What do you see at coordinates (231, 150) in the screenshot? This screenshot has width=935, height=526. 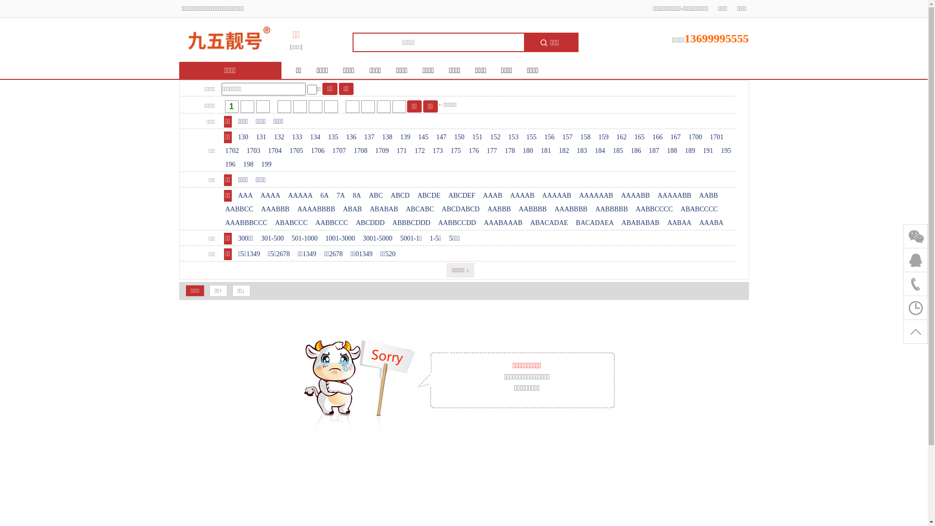 I see `'1702'` at bounding box center [231, 150].